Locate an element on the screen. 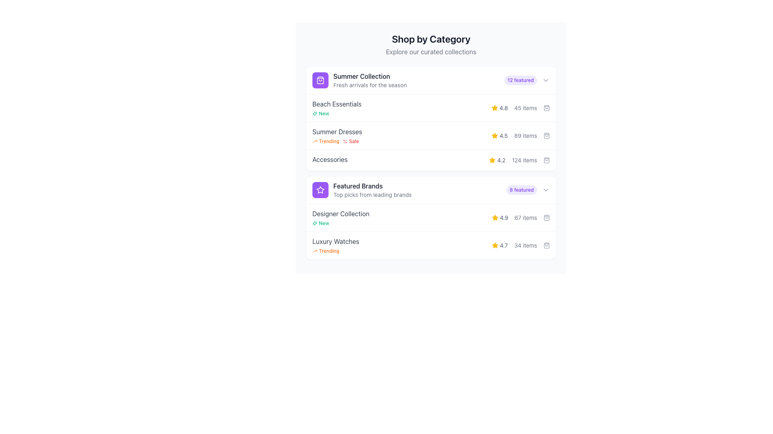 Image resolution: width=773 pixels, height=434 pixels. the shopping bag icon with a white fill, which is positioned within a circular violet gradient background at the top left of the 'Summer Collection' card in the 'Shop by Category' section is located at coordinates (320, 80).